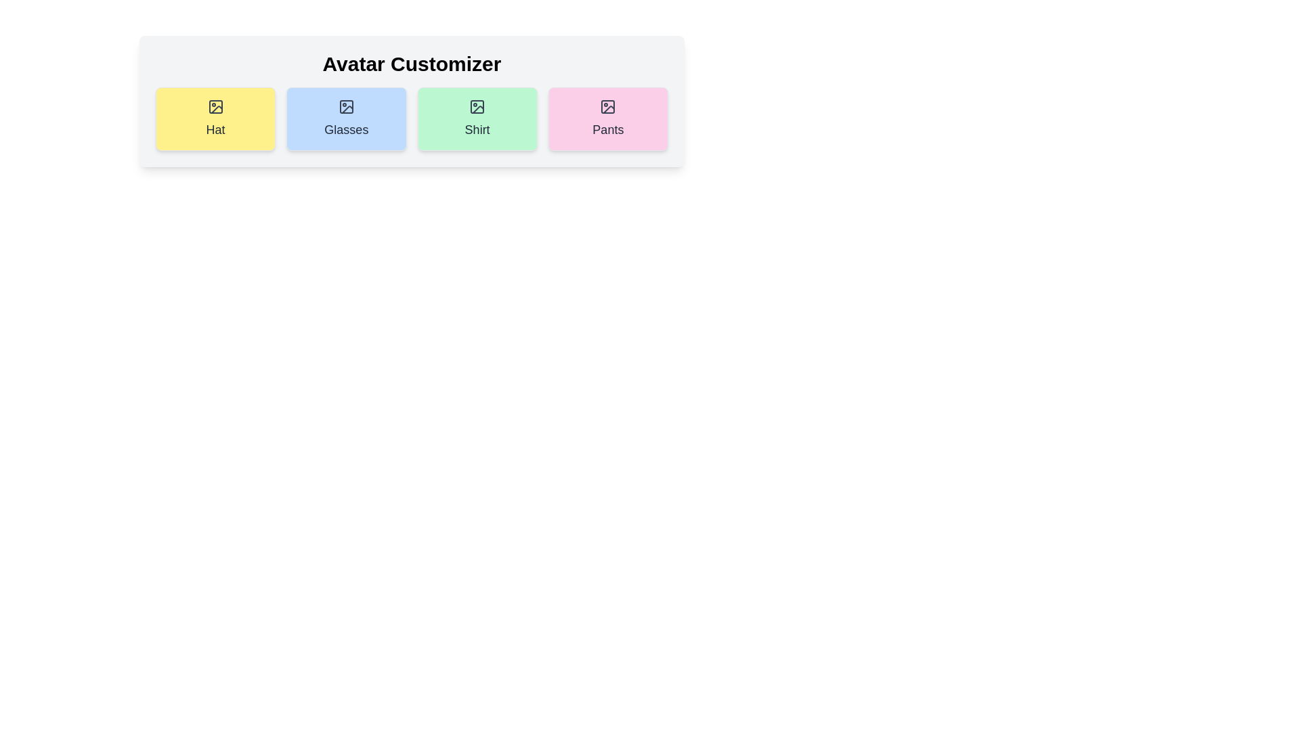  I want to click on the 'Hat' button, which is the first item in the grid layout of four buttons, so click(215, 118).